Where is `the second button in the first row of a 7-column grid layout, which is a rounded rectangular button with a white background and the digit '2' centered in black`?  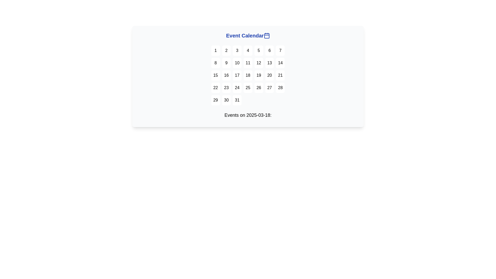
the second button in the first row of a 7-column grid layout, which is a rounded rectangular button with a white background and the digit '2' centered in black is located at coordinates (226, 51).